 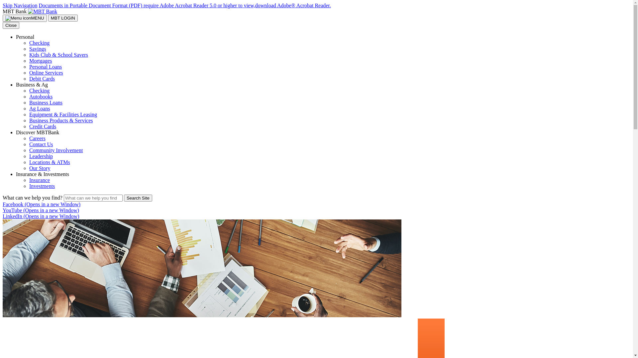 I want to click on 'Autobooks', so click(x=41, y=96).